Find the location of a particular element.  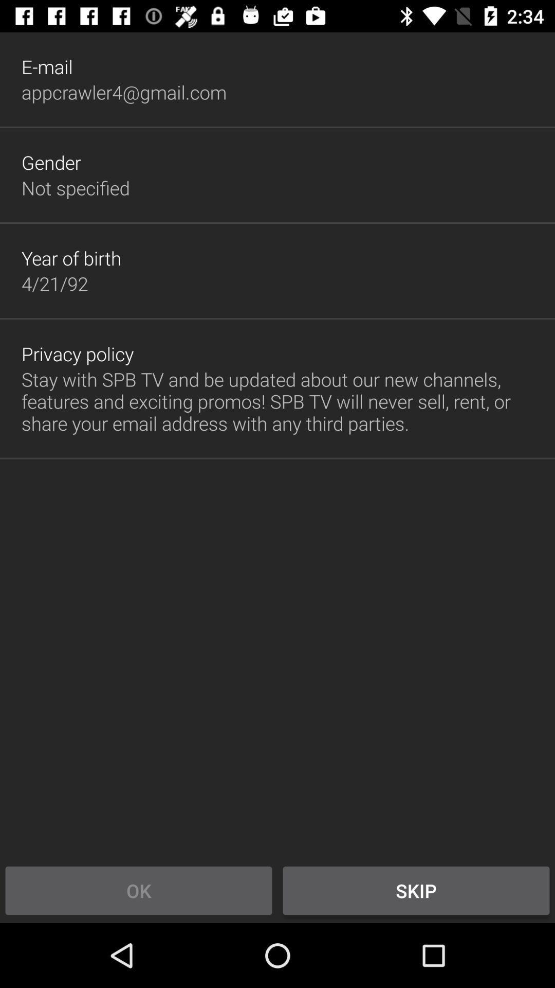

icon below the e-mail icon is located at coordinates (123, 92).